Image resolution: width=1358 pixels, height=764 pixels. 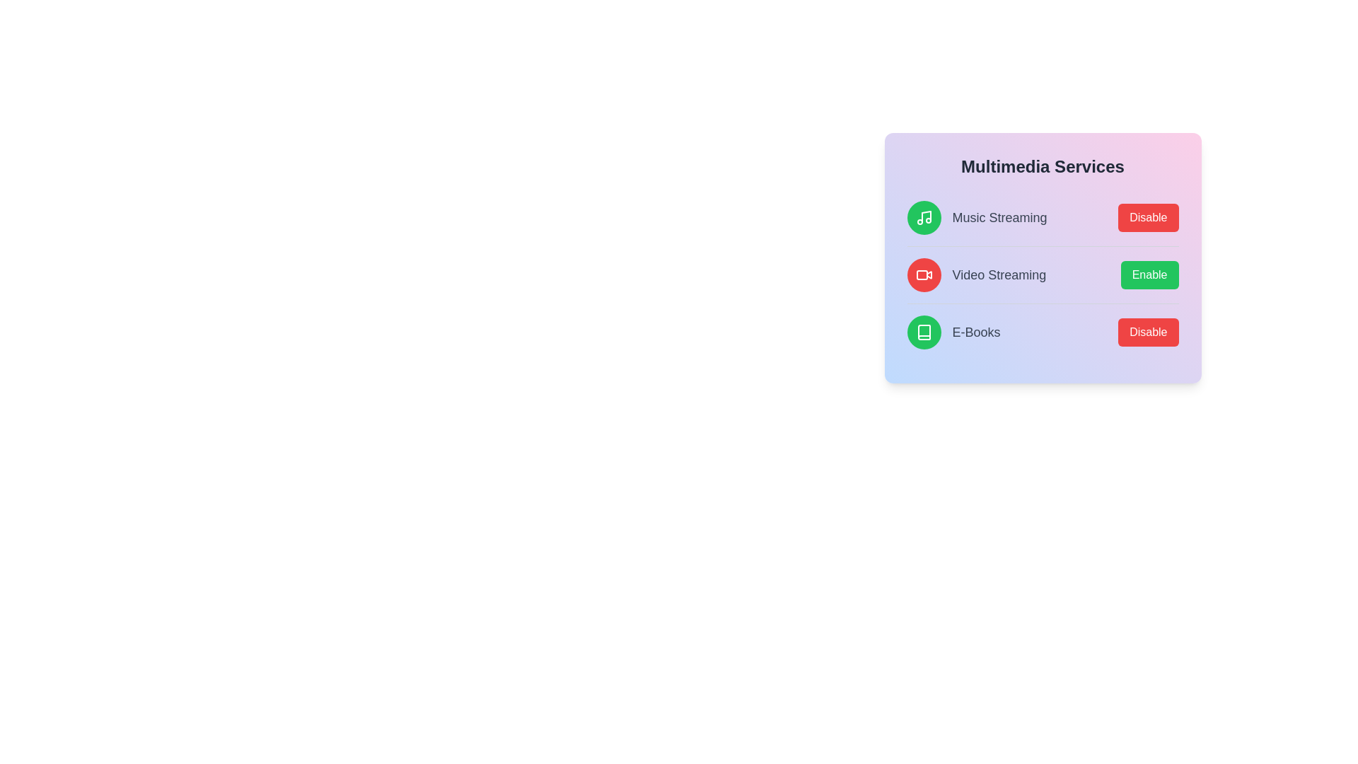 What do you see at coordinates (1148, 218) in the screenshot?
I see `the service identified by music` at bounding box center [1148, 218].